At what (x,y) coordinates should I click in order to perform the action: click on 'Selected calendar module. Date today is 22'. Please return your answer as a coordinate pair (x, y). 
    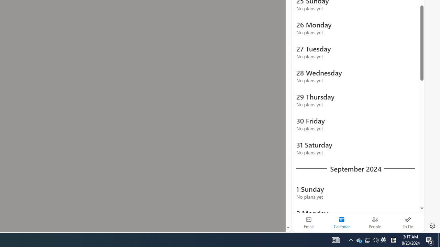
    Looking at the image, I should click on (342, 222).